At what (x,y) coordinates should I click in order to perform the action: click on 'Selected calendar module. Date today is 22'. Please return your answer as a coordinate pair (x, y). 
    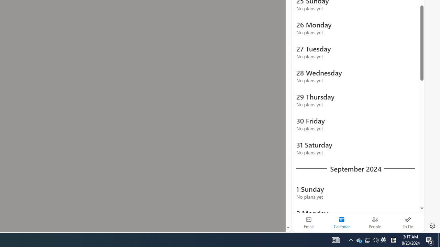
    Looking at the image, I should click on (342, 222).